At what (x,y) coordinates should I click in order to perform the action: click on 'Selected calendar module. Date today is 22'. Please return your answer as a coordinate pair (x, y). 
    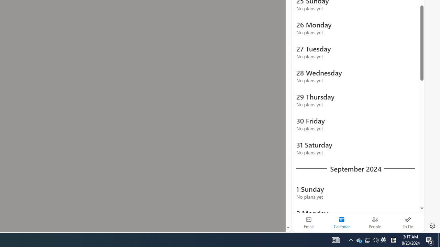
    Looking at the image, I should click on (342, 222).